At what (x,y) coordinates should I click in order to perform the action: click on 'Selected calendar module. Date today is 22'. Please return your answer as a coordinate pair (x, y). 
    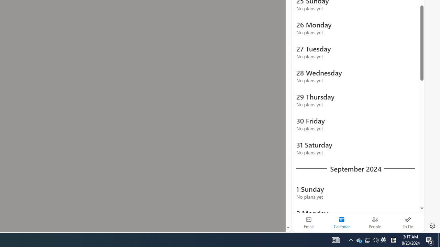
    Looking at the image, I should click on (342, 222).